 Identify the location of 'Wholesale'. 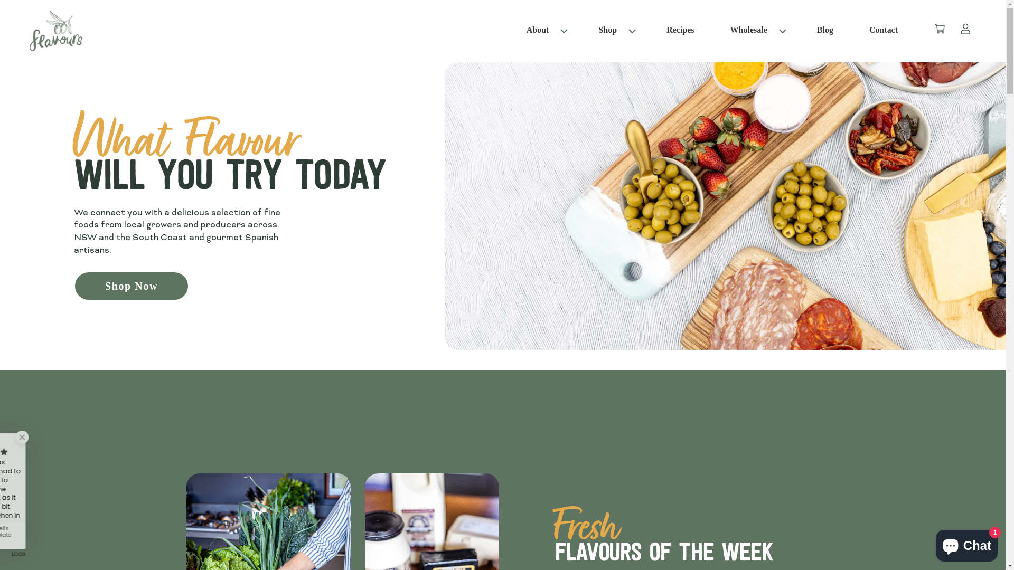
(755, 30).